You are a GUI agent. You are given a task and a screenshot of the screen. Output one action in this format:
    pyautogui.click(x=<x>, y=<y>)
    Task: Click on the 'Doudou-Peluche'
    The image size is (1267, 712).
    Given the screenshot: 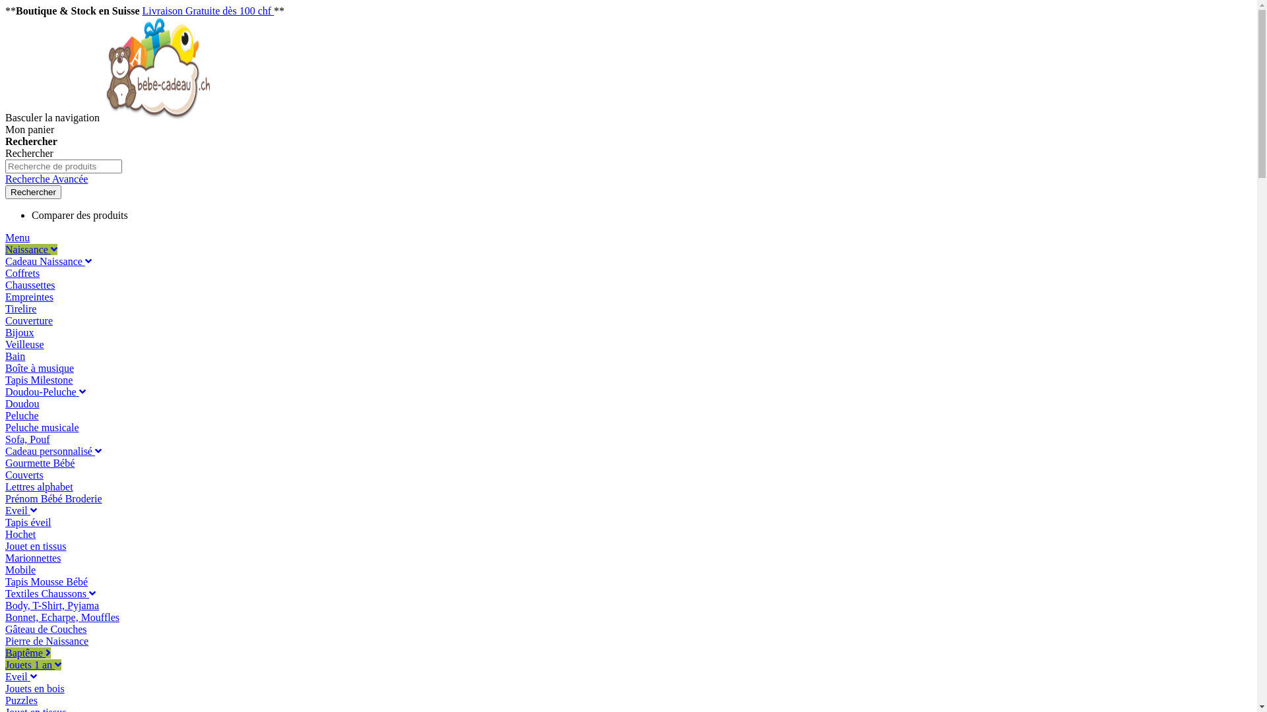 What is the action you would take?
    pyautogui.click(x=45, y=391)
    